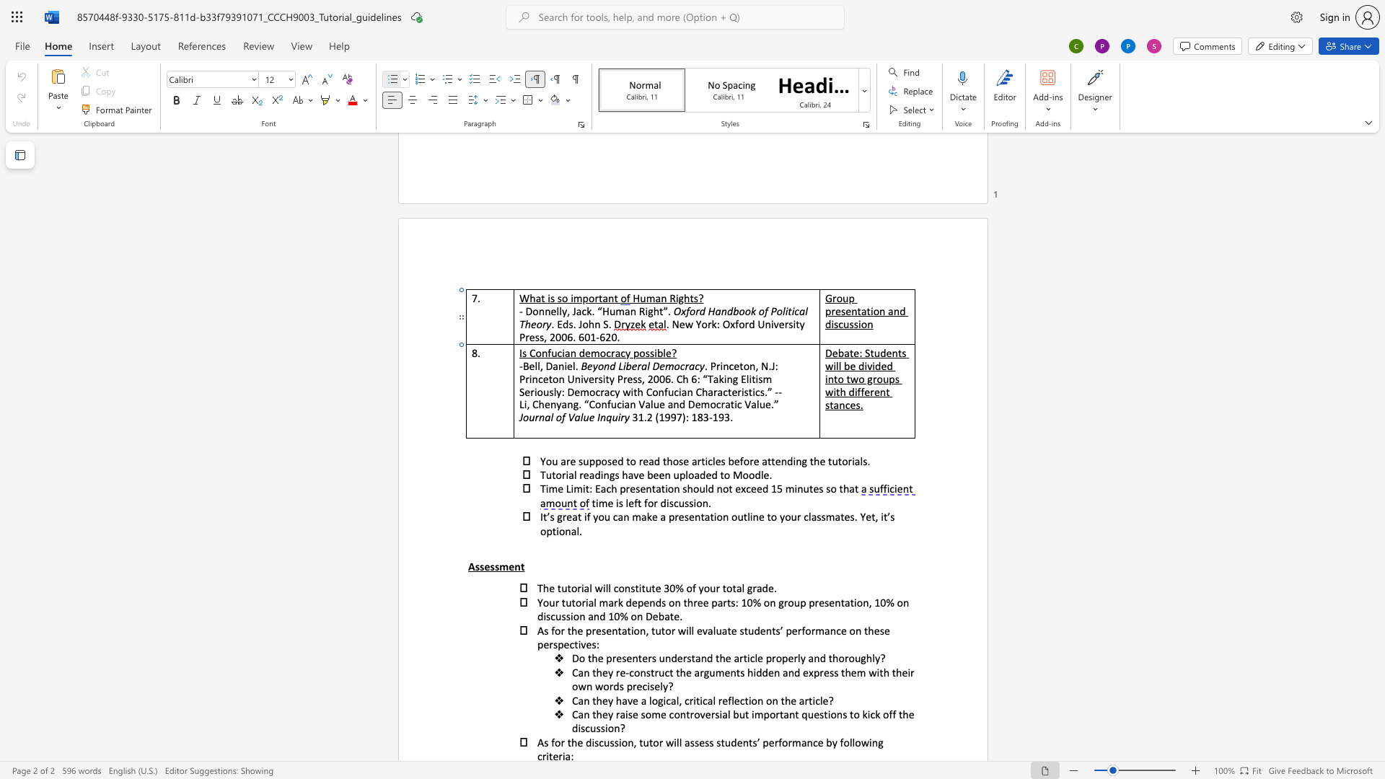  I want to click on the space between the continuous character "t" and "o" in the text, so click(571, 588).